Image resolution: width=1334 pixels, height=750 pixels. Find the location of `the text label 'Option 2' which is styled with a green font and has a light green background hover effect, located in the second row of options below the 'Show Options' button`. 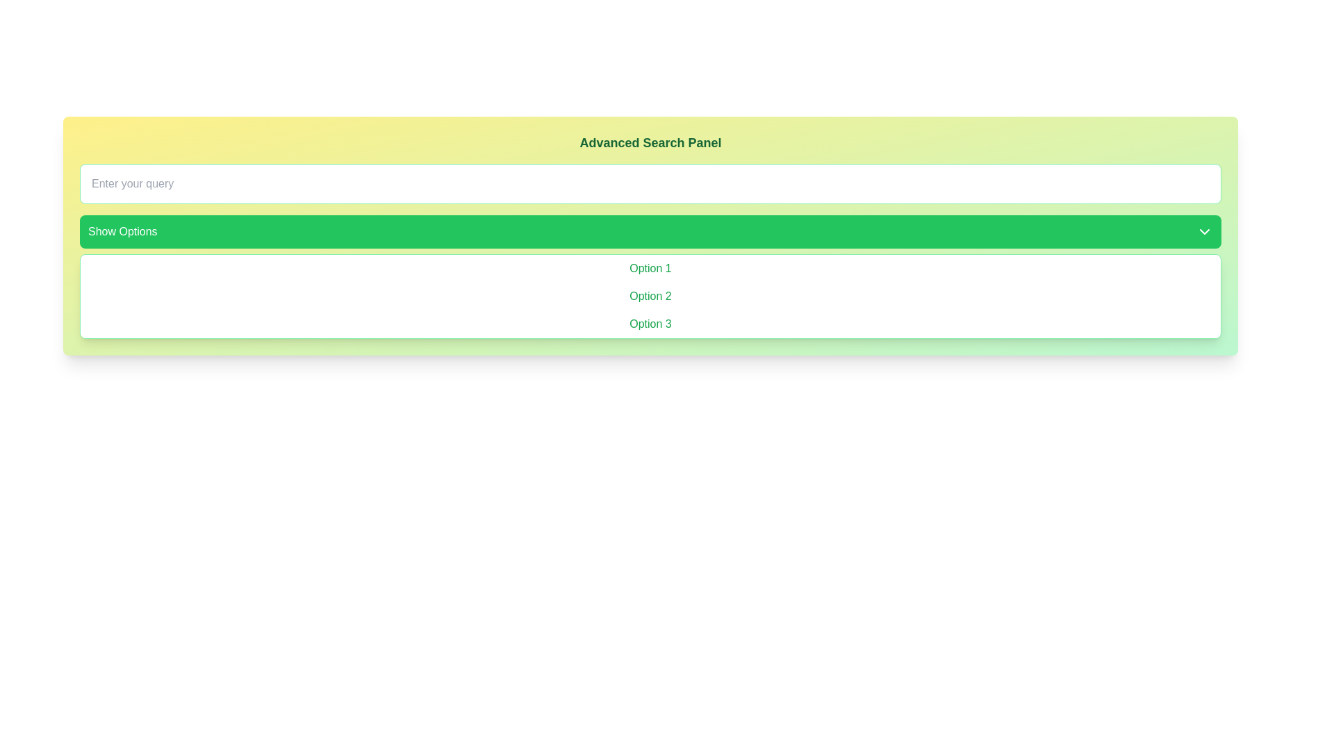

the text label 'Option 2' which is styled with a green font and has a light green background hover effect, located in the second row of options below the 'Show Options' button is located at coordinates (650, 296).